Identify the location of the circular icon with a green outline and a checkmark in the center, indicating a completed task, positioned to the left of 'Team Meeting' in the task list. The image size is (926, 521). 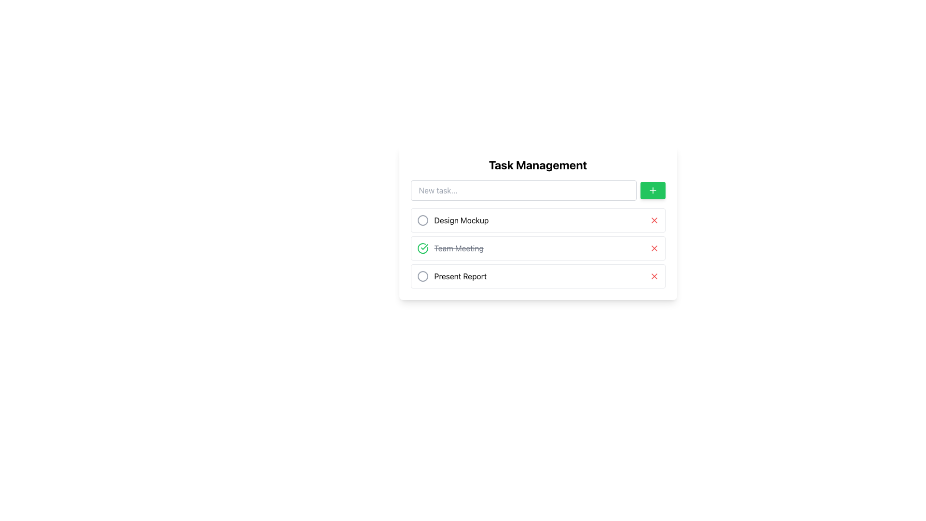
(422, 248).